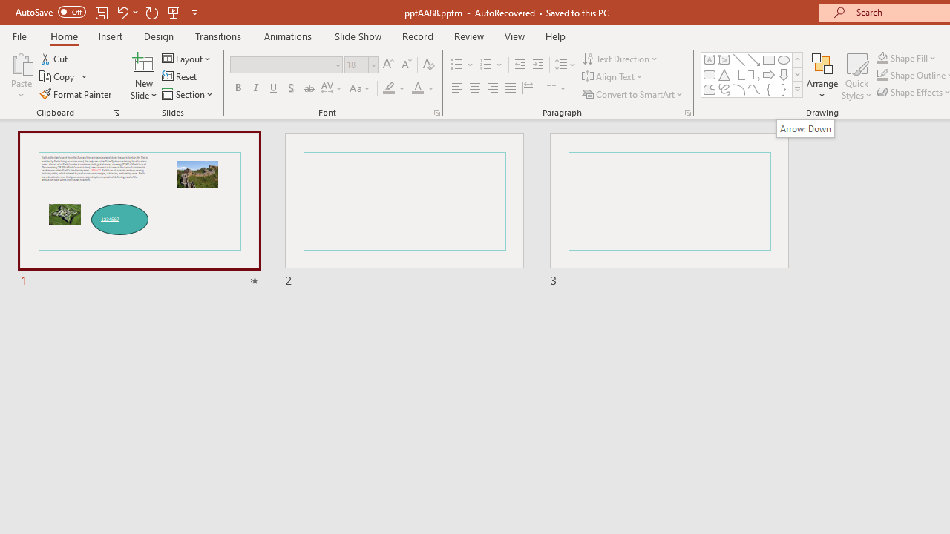 The image size is (950, 534). Describe the element at coordinates (537, 64) in the screenshot. I see `'Increase Indent'` at that location.